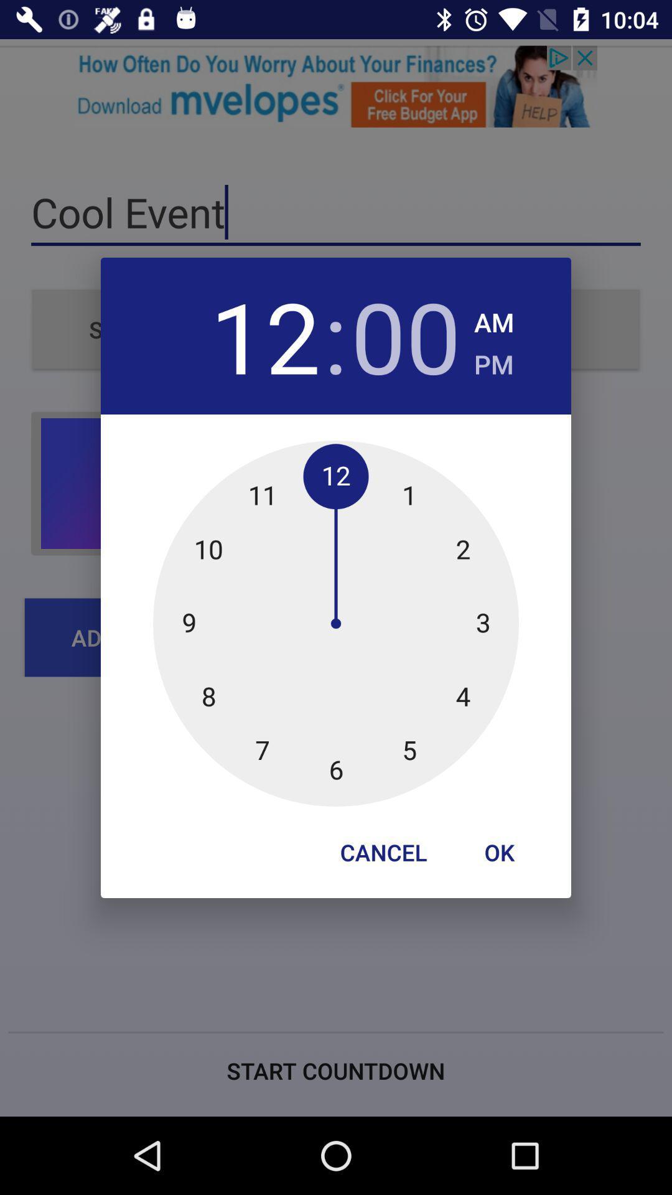 Image resolution: width=672 pixels, height=1195 pixels. Describe the element at coordinates (264, 335) in the screenshot. I see `the 12 icon` at that location.